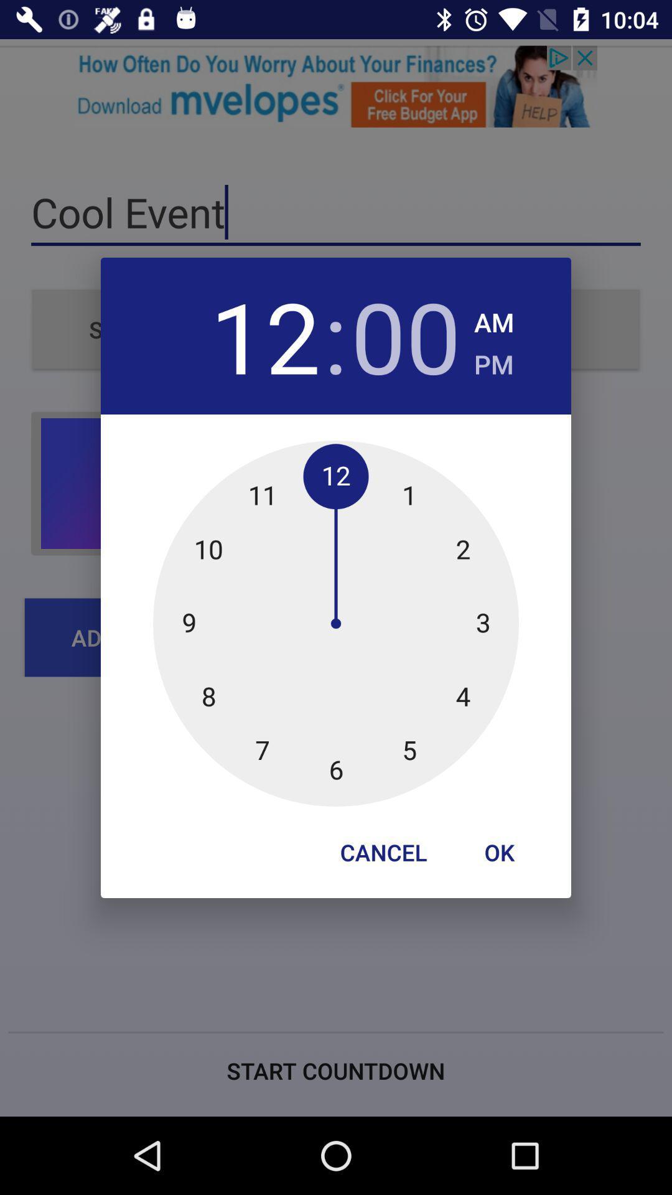 Image resolution: width=672 pixels, height=1195 pixels. Describe the element at coordinates (264, 335) in the screenshot. I see `the 12 icon` at that location.